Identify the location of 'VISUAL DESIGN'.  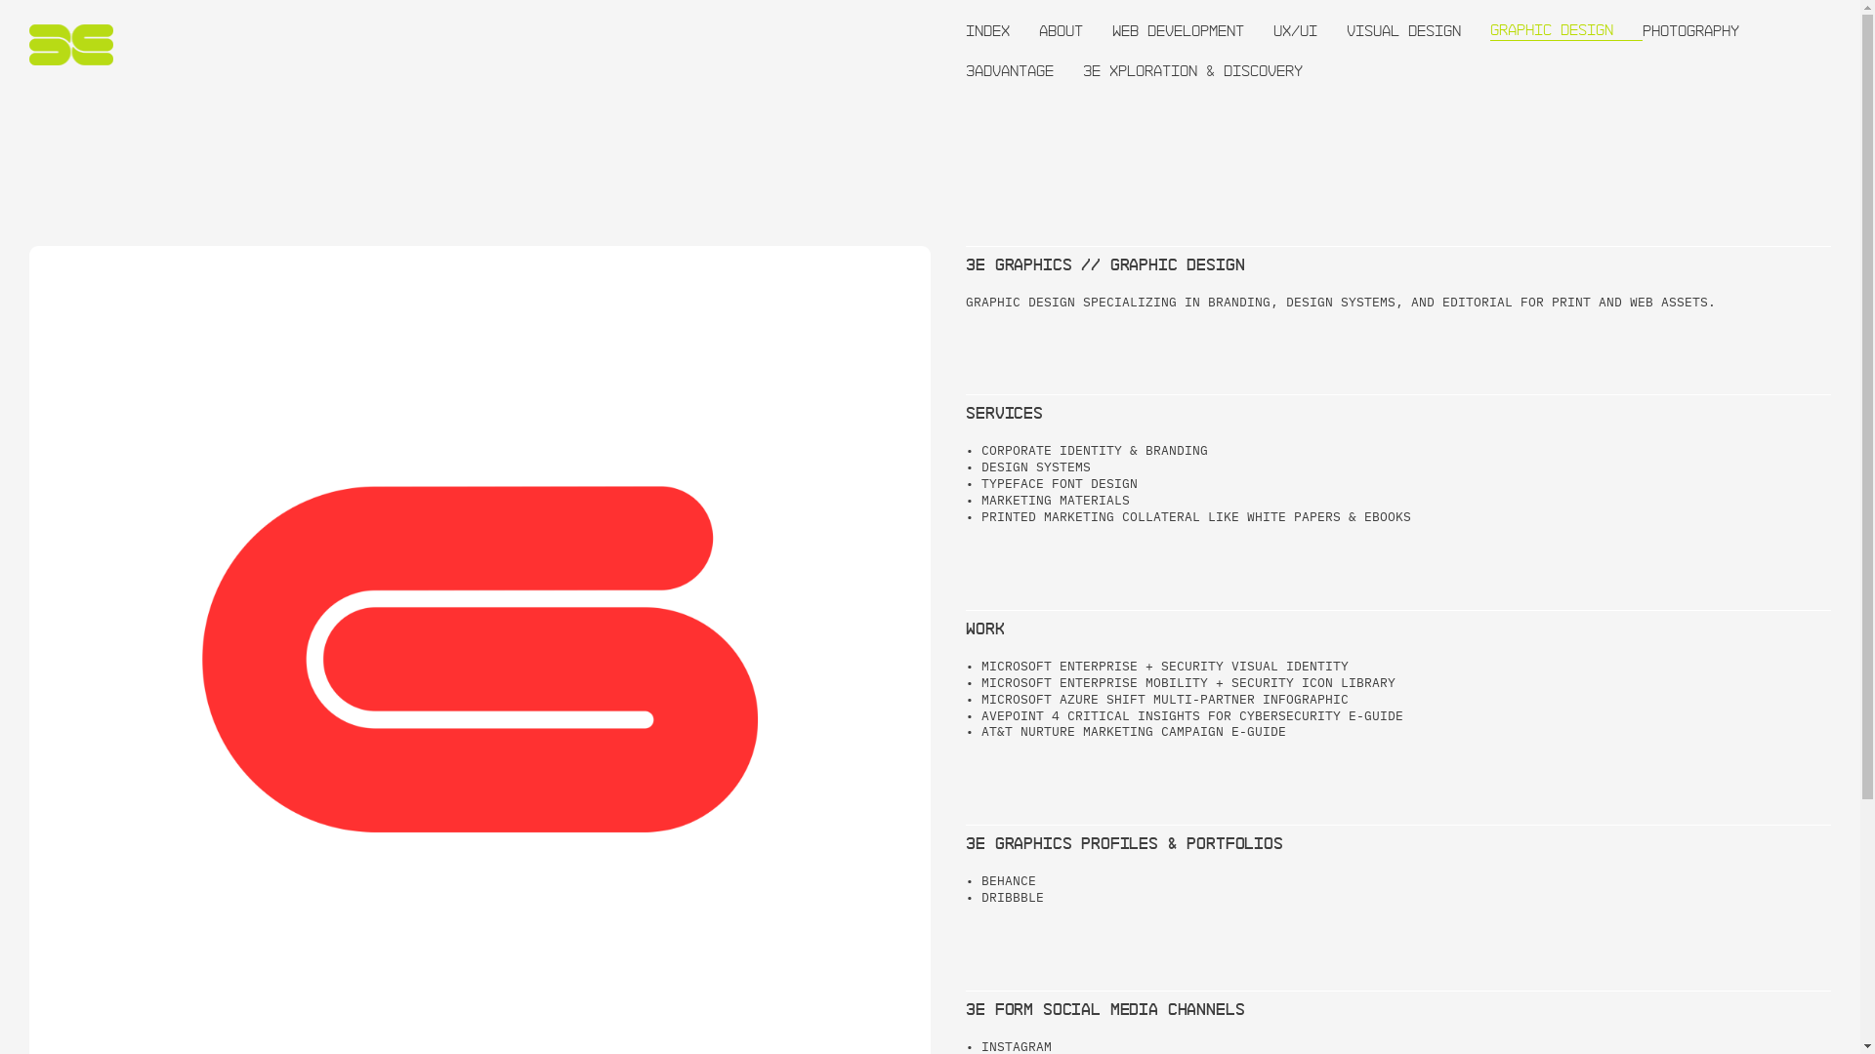
(1418, 20).